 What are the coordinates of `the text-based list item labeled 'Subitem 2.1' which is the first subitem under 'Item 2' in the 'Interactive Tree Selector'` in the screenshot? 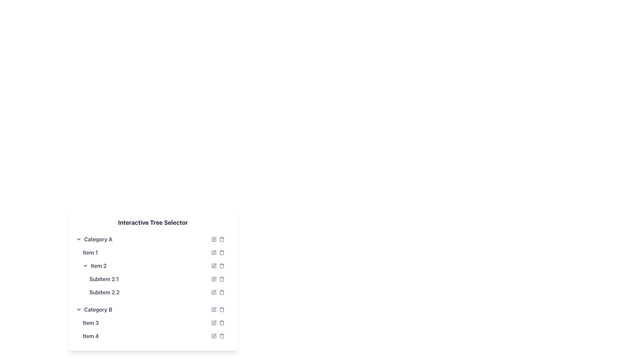 It's located at (104, 279).